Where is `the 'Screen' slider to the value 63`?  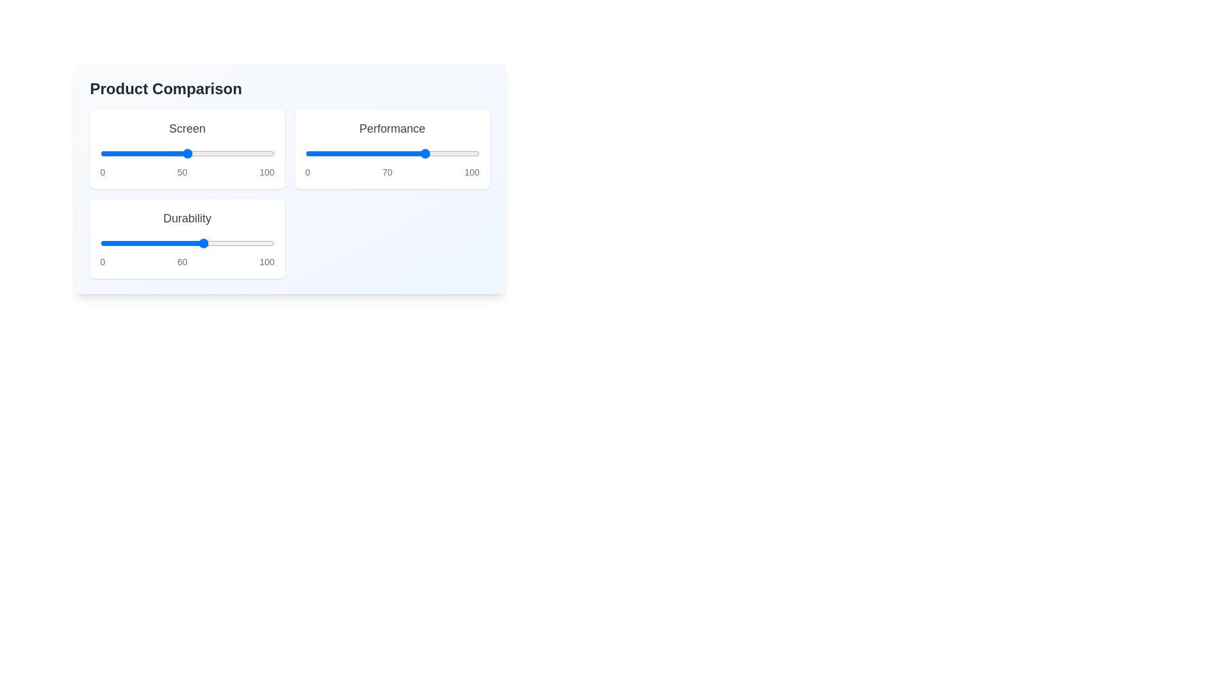
the 'Screen' slider to the value 63 is located at coordinates (209, 152).